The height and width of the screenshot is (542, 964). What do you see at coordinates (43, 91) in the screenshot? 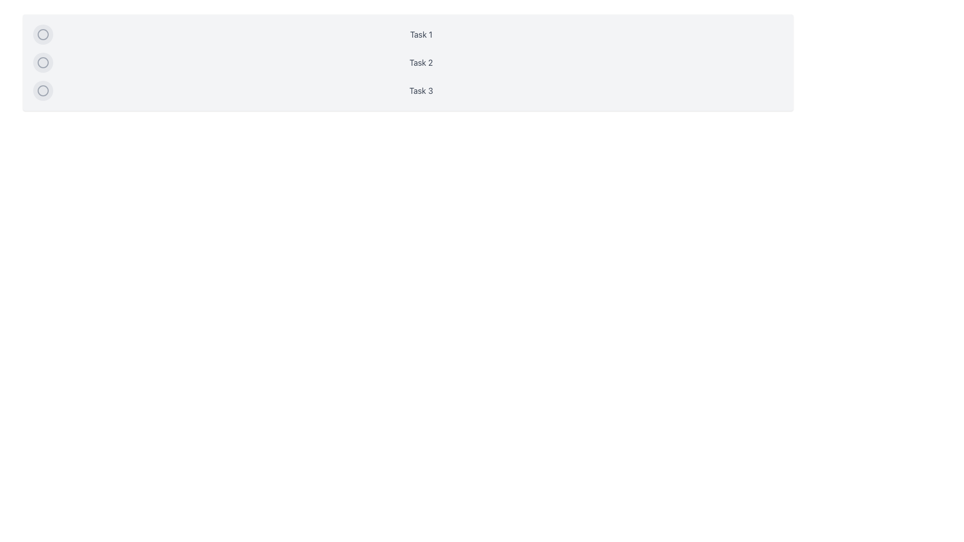
I see `the third radio button in the vertical list located next to 'Task 3'` at bounding box center [43, 91].